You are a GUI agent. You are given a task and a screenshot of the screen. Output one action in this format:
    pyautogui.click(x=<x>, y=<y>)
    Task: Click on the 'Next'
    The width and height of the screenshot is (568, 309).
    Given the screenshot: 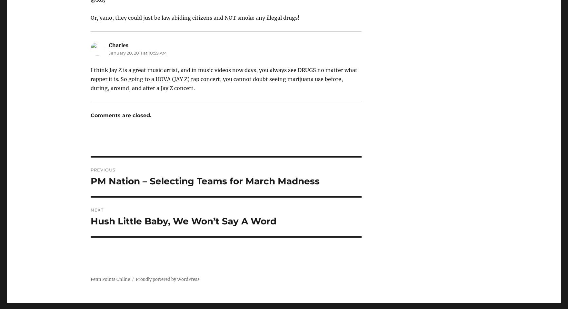 What is the action you would take?
    pyautogui.click(x=96, y=209)
    